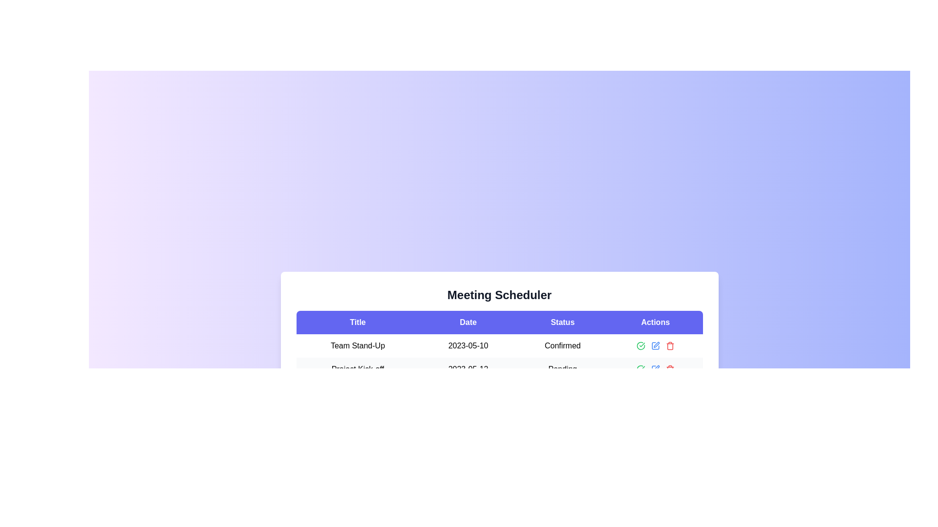 This screenshot has width=938, height=527. I want to click on the leftmost button in the 'Actions' column with a pen icon, so click(655, 345).